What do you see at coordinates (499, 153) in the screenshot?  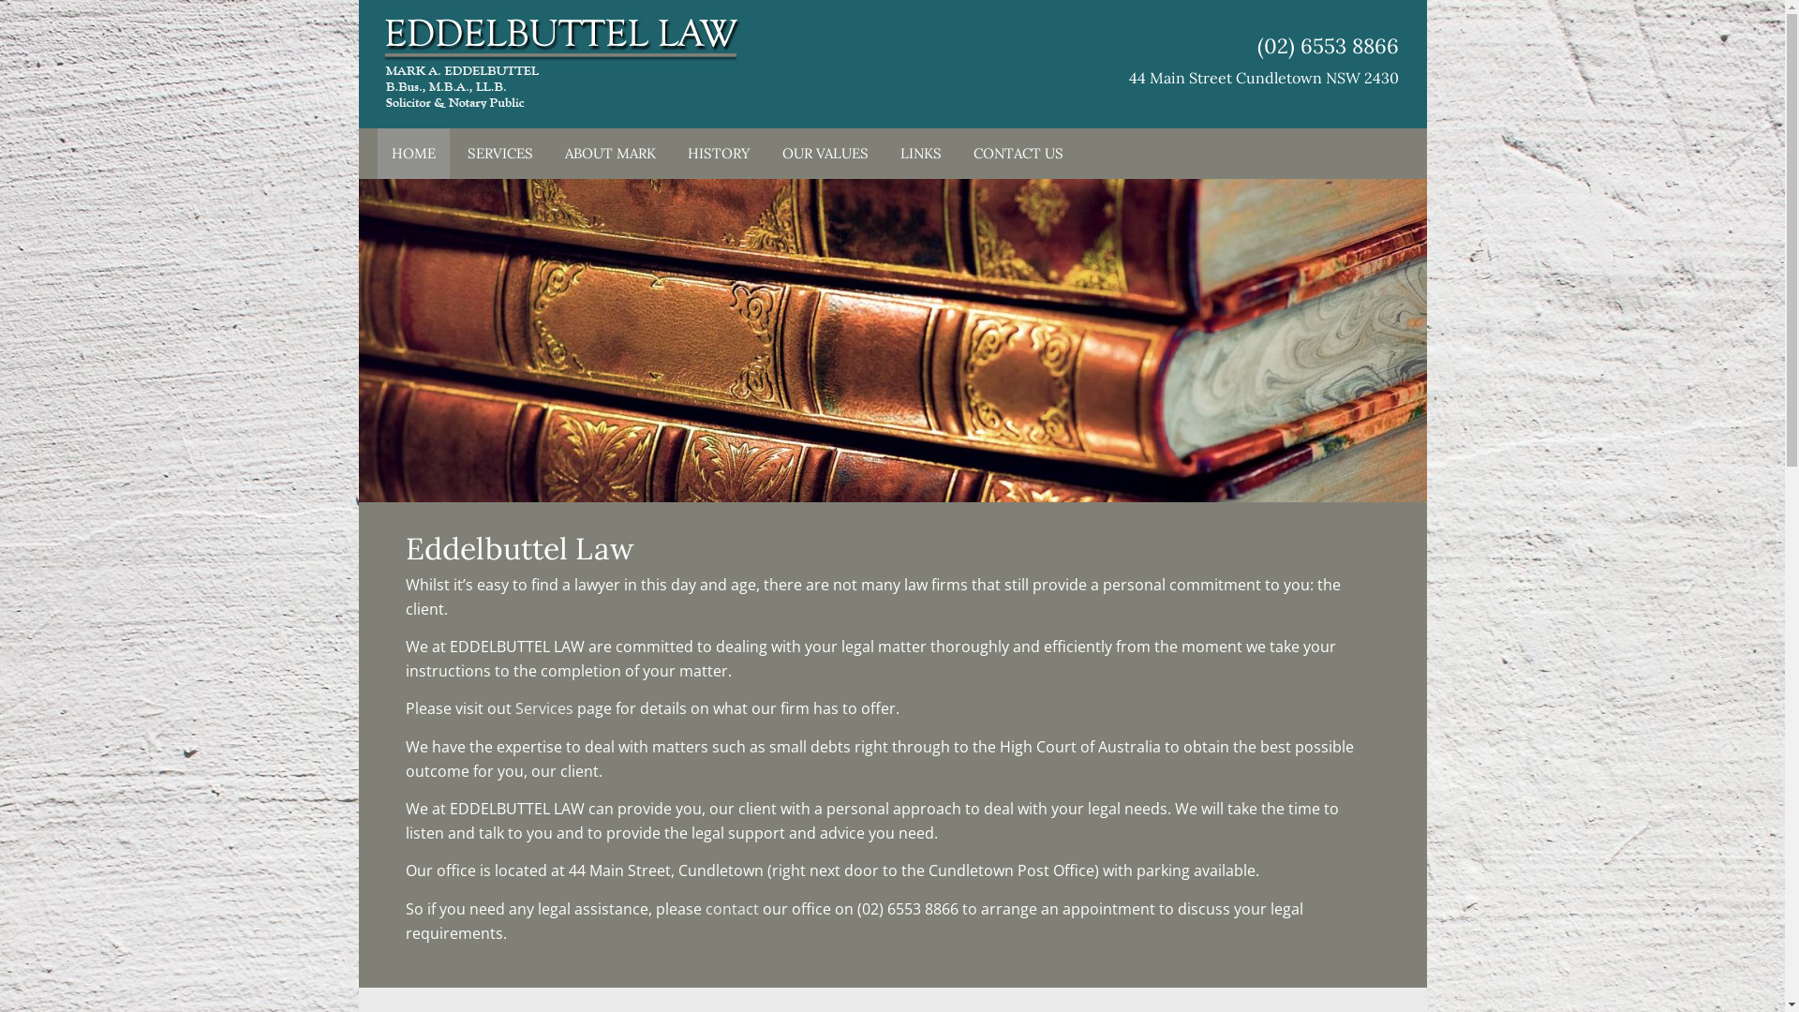 I see `'SERVICES'` at bounding box center [499, 153].